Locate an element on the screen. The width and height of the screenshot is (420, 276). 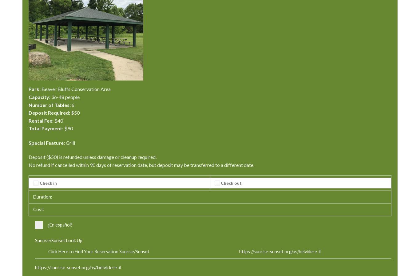
'contact us' is located at coordinates (38, 99).